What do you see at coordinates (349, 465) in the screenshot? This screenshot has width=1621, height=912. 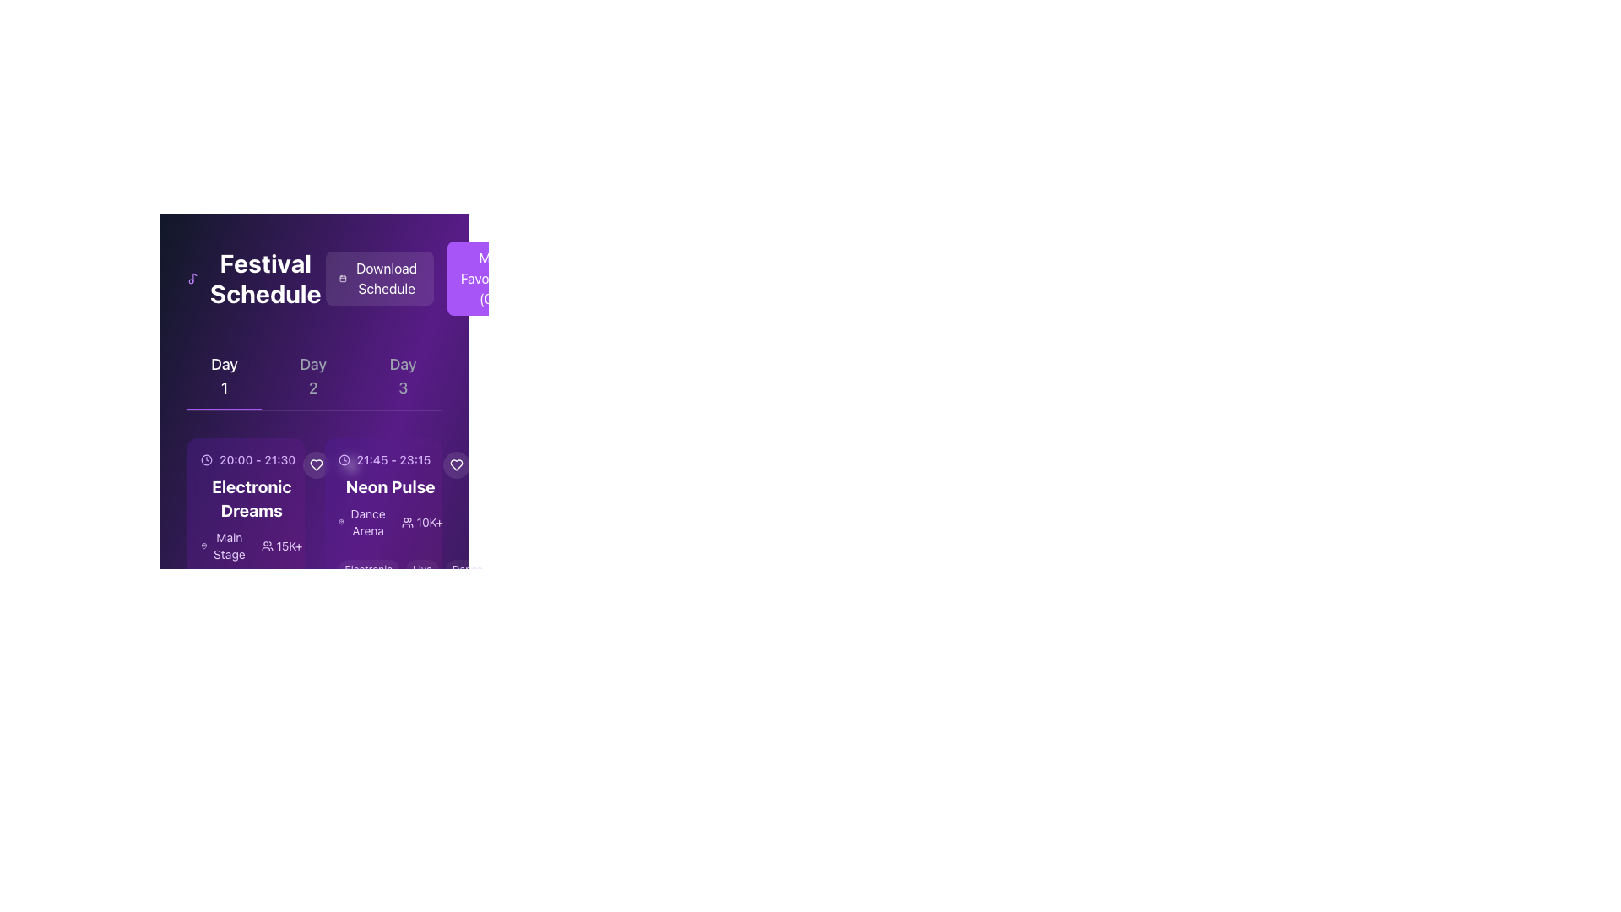 I see `the interactive circular button with a sharing glyph from its position in the second entry card under 'Day 1'` at bounding box center [349, 465].